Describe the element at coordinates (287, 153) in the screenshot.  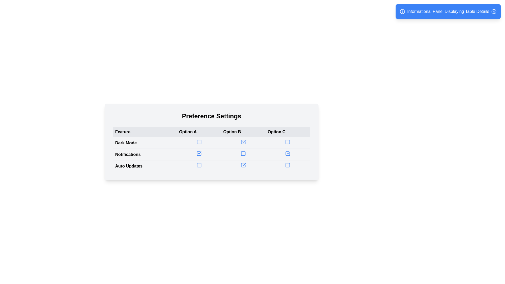
I see `the checkbox styled as a square outlined in blue with a checkmark inside, located in the 'Auto Updates' row under the 'Option C' column of the preference settings table` at that location.